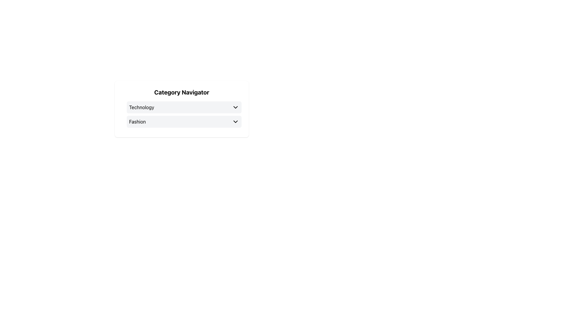 This screenshot has width=574, height=323. What do you see at coordinates (235, 107) in the screenshot?
I see `the Dropdown indicator icon, which is a downward-pointing chevron styled with a black stroke, located to the right of the 'Technology' label` at bounding box center [235, 107].